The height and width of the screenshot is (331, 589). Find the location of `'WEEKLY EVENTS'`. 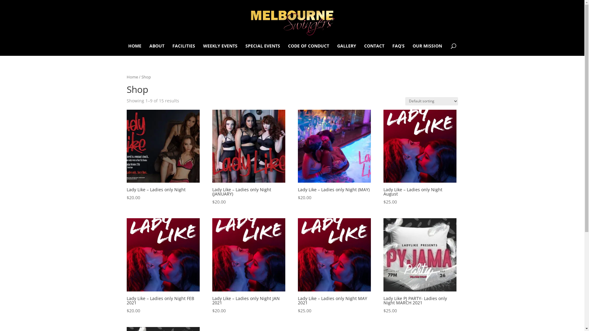

'WEEKLY EVENTS' is located at coordinates (220, 49).